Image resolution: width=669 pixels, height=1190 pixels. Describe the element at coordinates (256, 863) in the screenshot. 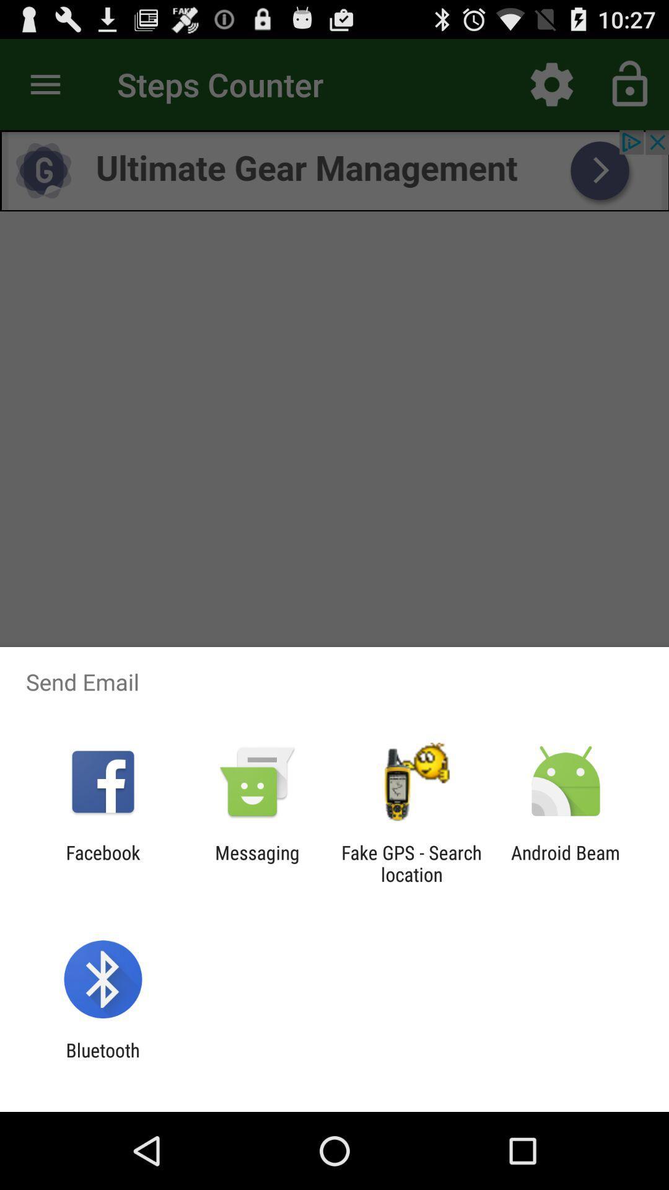

I see `messaging icon` at that location.